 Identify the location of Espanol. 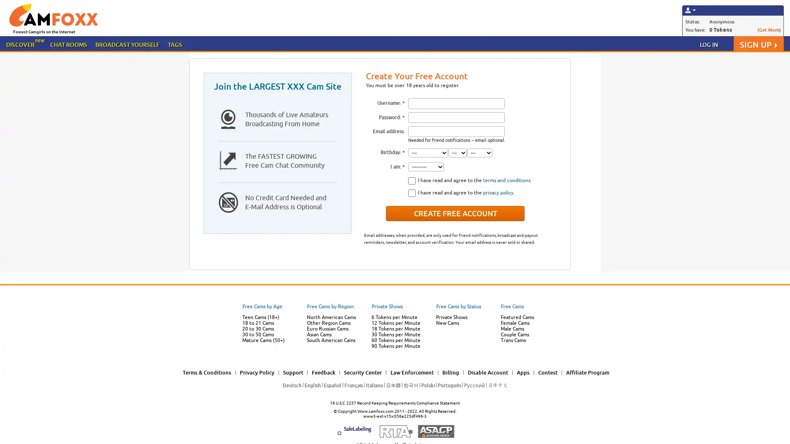
(332, 385).